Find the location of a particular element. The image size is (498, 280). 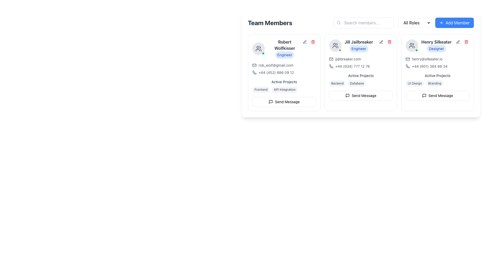

the plus sign icon within the 'Add Member' button located in the top-right corner of the interface is located at coordinates (441, 23).